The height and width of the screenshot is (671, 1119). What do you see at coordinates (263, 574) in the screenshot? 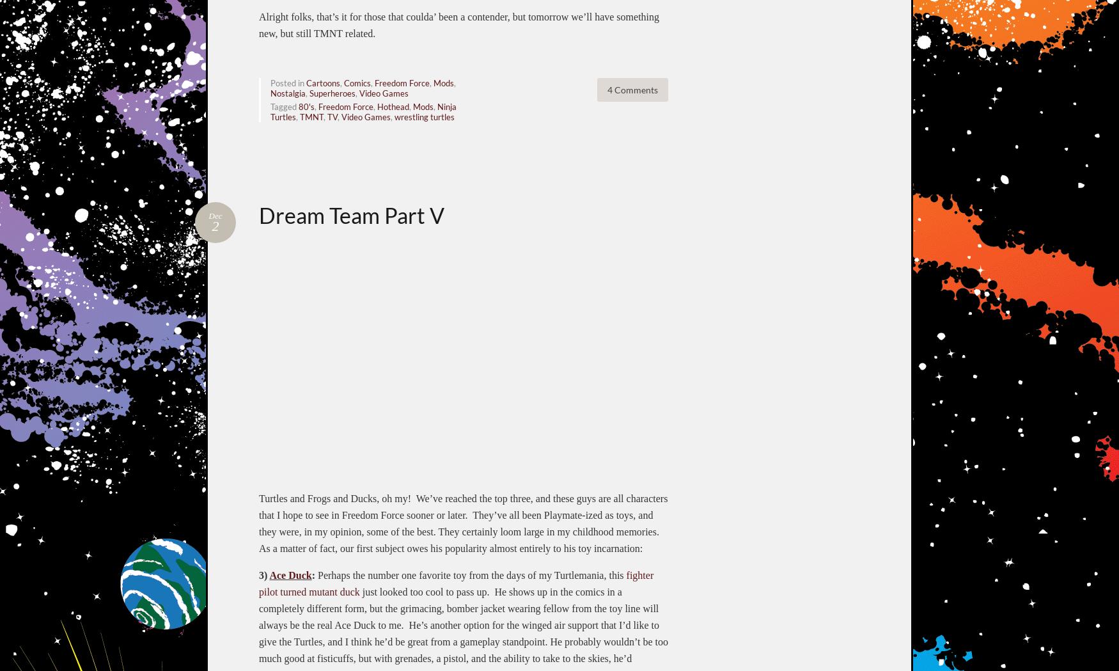
I see `'3)'` at bounding box center [263, 574].